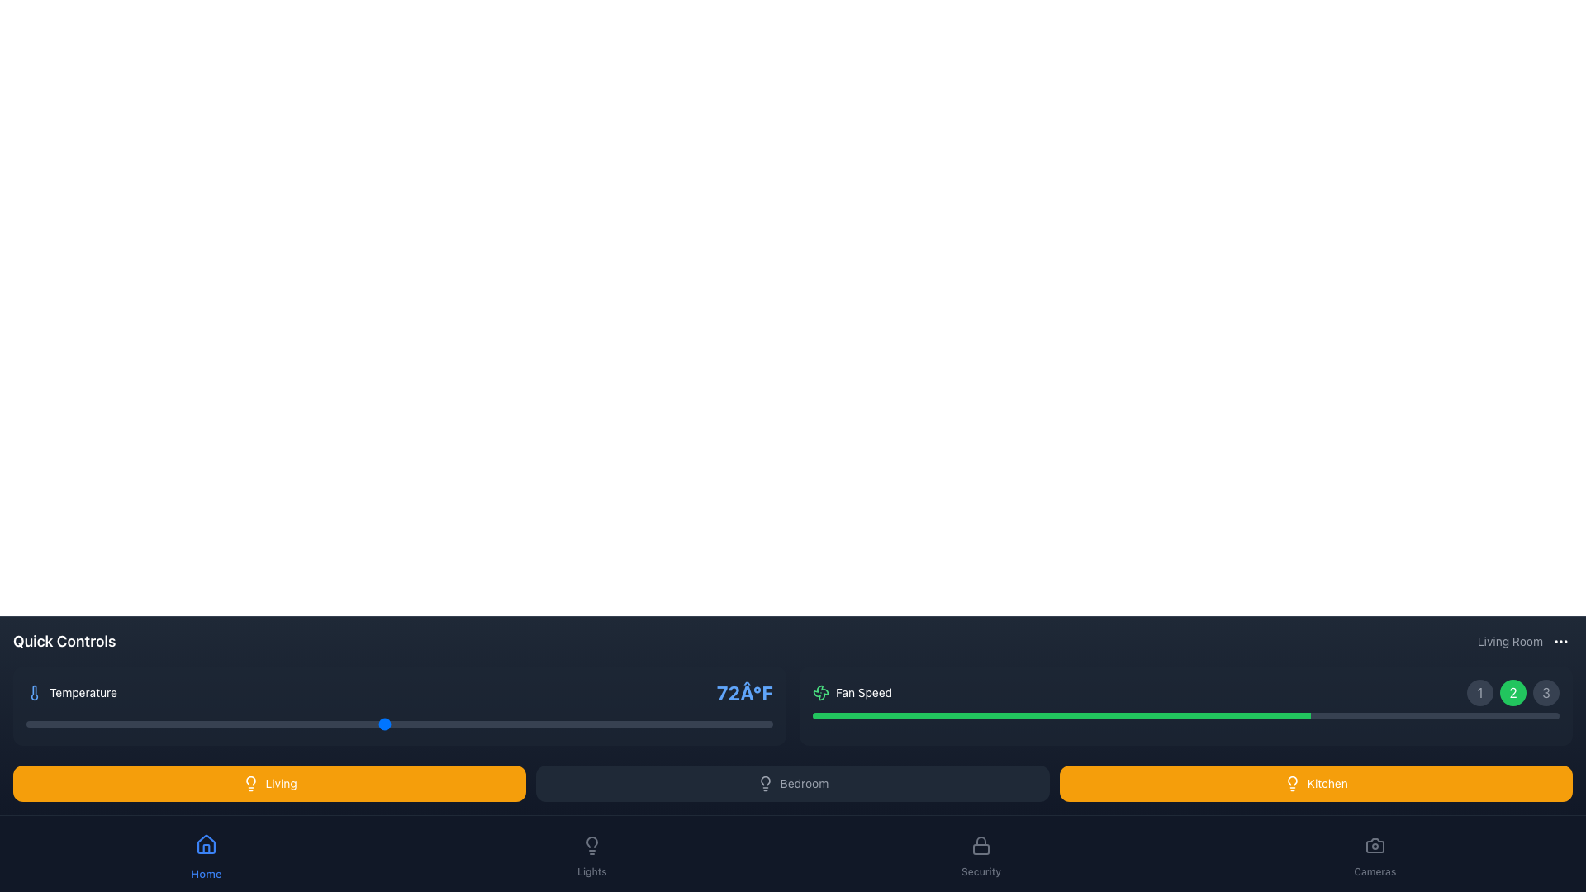  I want to click on the 'Home' button, which features a blue house icon above the text, so click(205, 853).